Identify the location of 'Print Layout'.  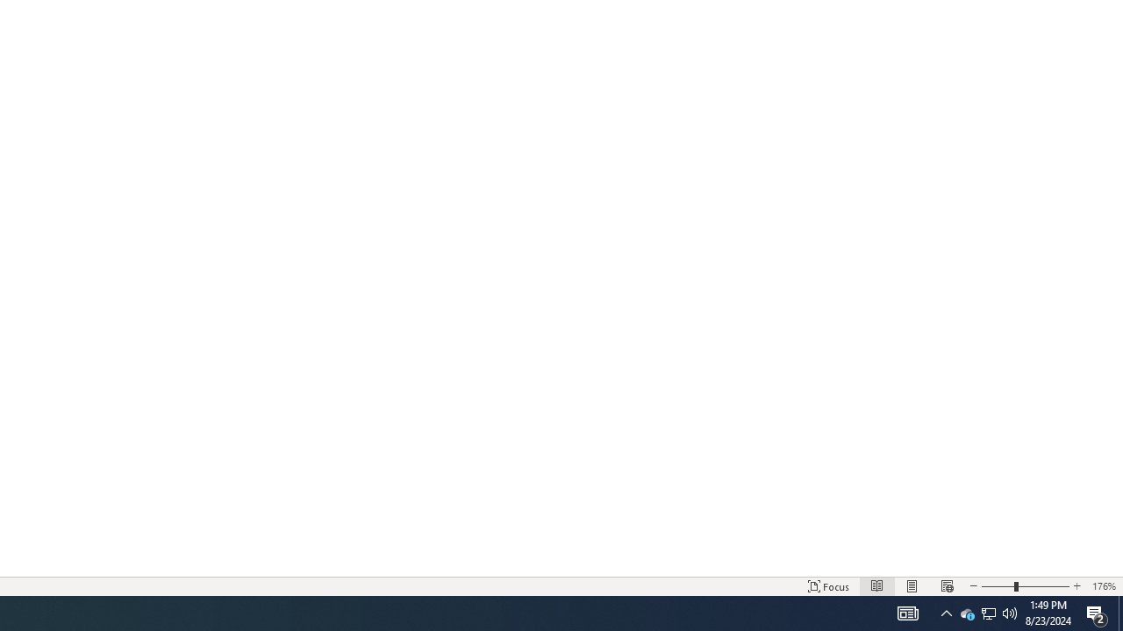
(912, 586).